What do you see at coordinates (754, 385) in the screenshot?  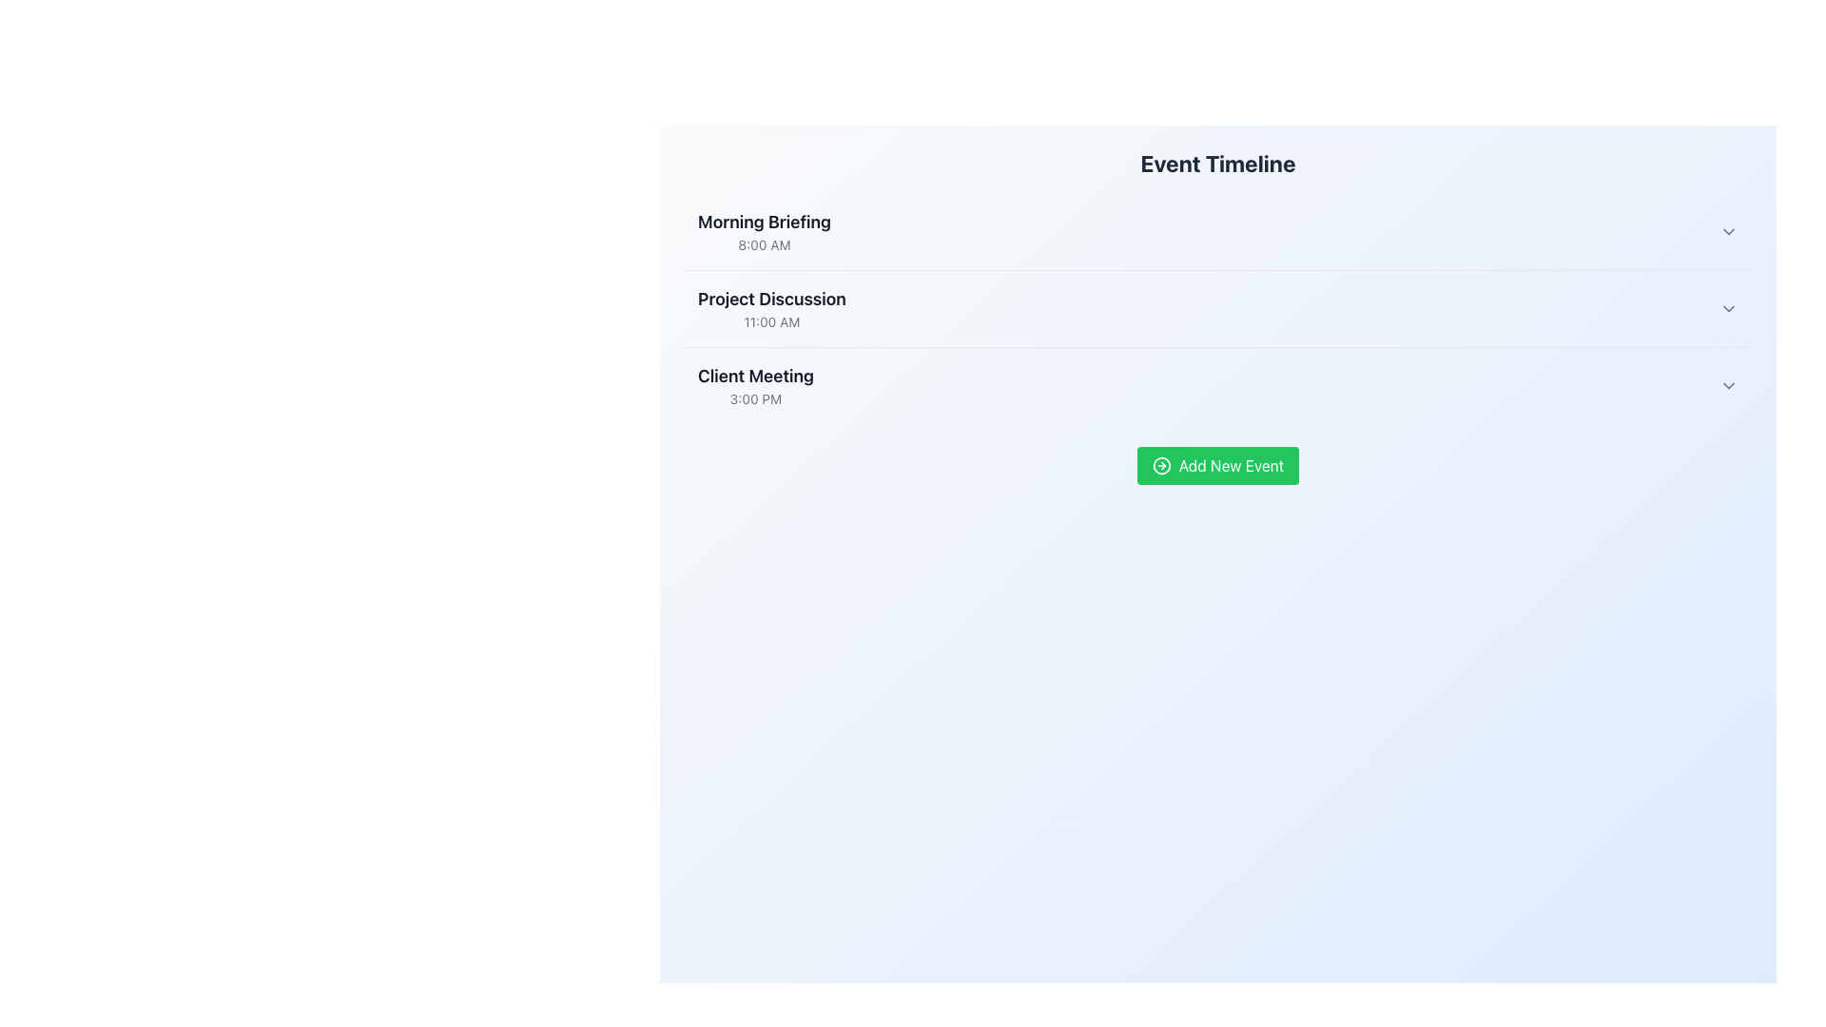 I see `the non-interactive text display showing 'Client Meeting' at 3:00 PM, which is the third entry in a chronological list of events` at bounding box center [754, 385].